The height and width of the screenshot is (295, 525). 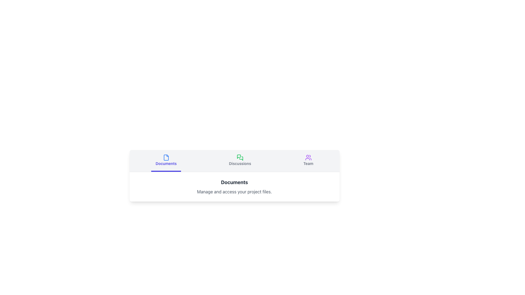 What do you see at coordinates (166, 157) in the screenshot?
I see `the document icon located in the 'Documents' tab, which is centrally placed above the text label` at bounding box center [166, 157].